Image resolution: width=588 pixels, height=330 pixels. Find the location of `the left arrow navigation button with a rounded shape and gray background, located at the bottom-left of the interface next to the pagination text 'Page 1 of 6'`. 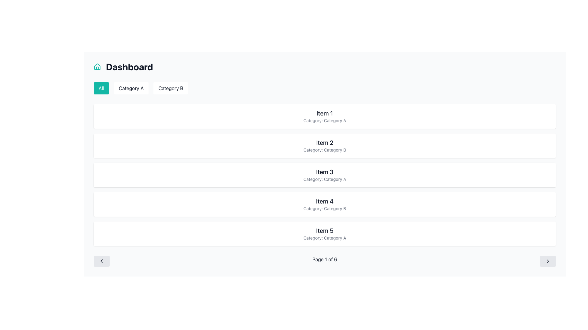

the left arrow navigation button with a rounded shape and gray background, located at the bottom-left of the interface next to the pagination text 'Page 1 of 6' is located at coordinates (101, 261).